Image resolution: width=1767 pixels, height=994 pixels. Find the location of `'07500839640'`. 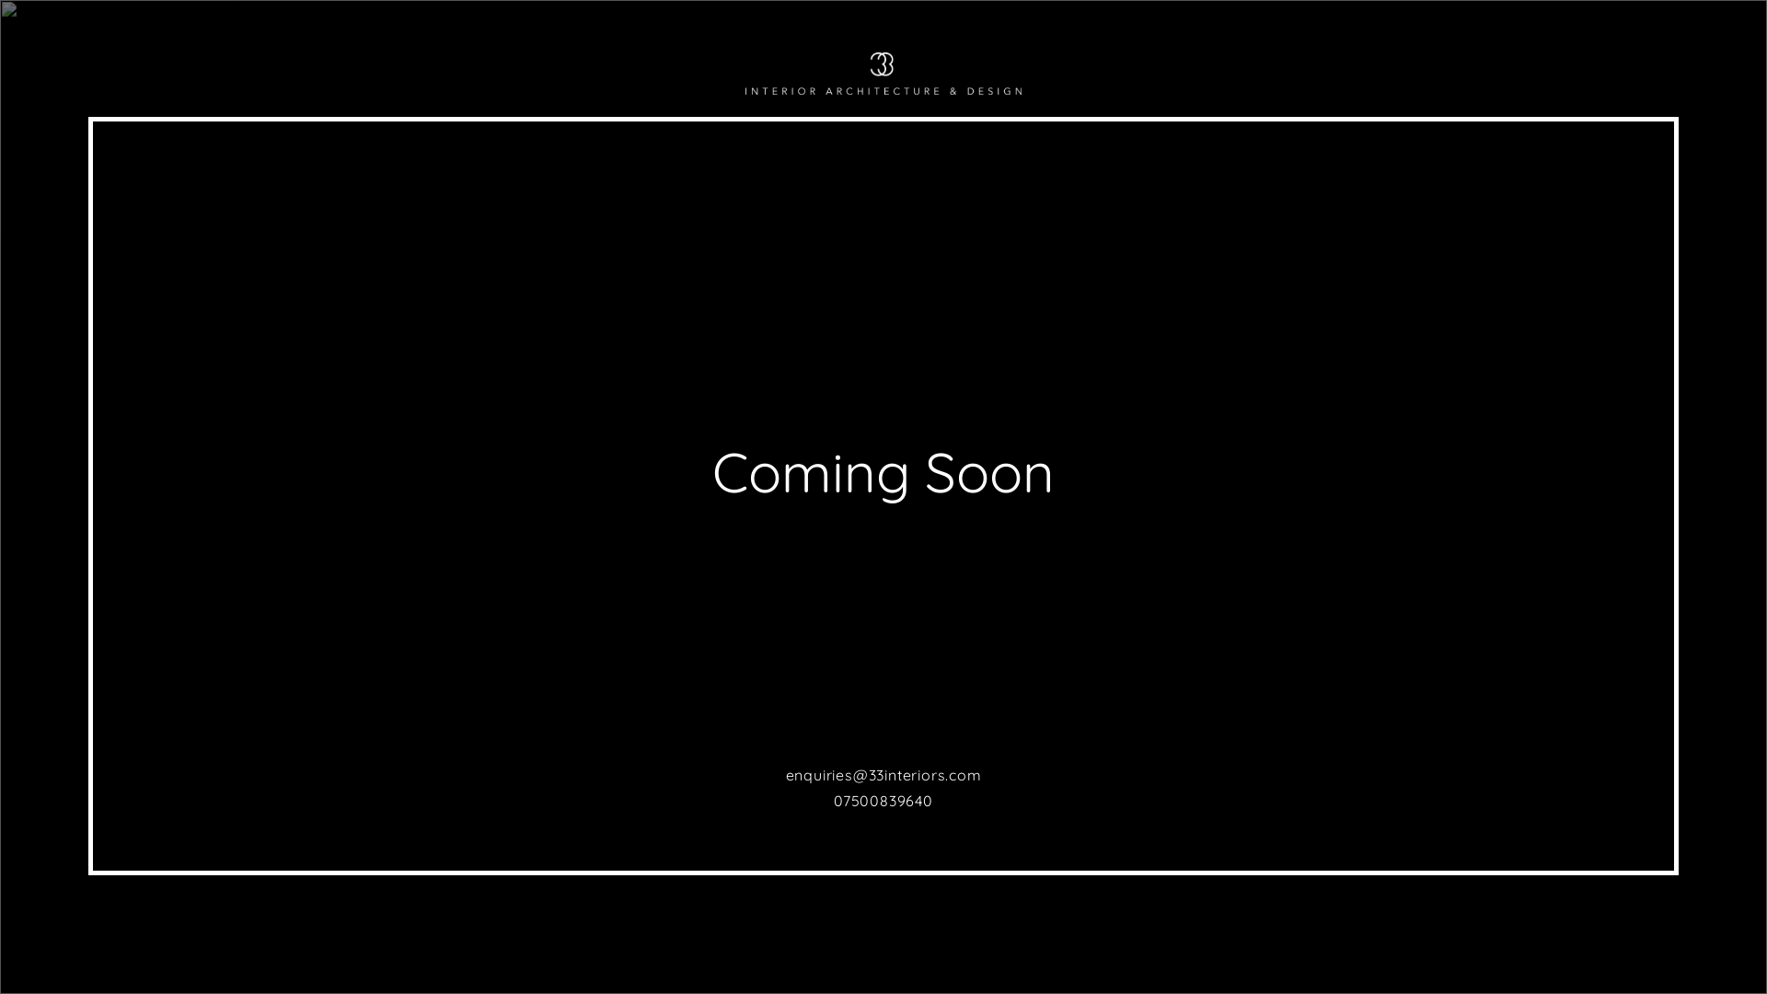

'07500839640' is located at coordinates (883, 800).